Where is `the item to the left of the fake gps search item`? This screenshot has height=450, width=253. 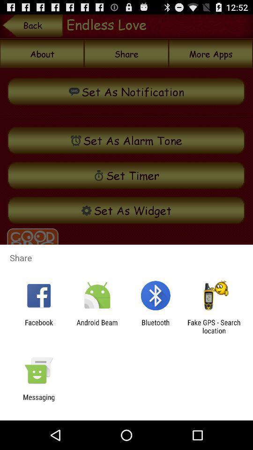
the item to the left of the fake gps search item is located at coordinates (156, 326).